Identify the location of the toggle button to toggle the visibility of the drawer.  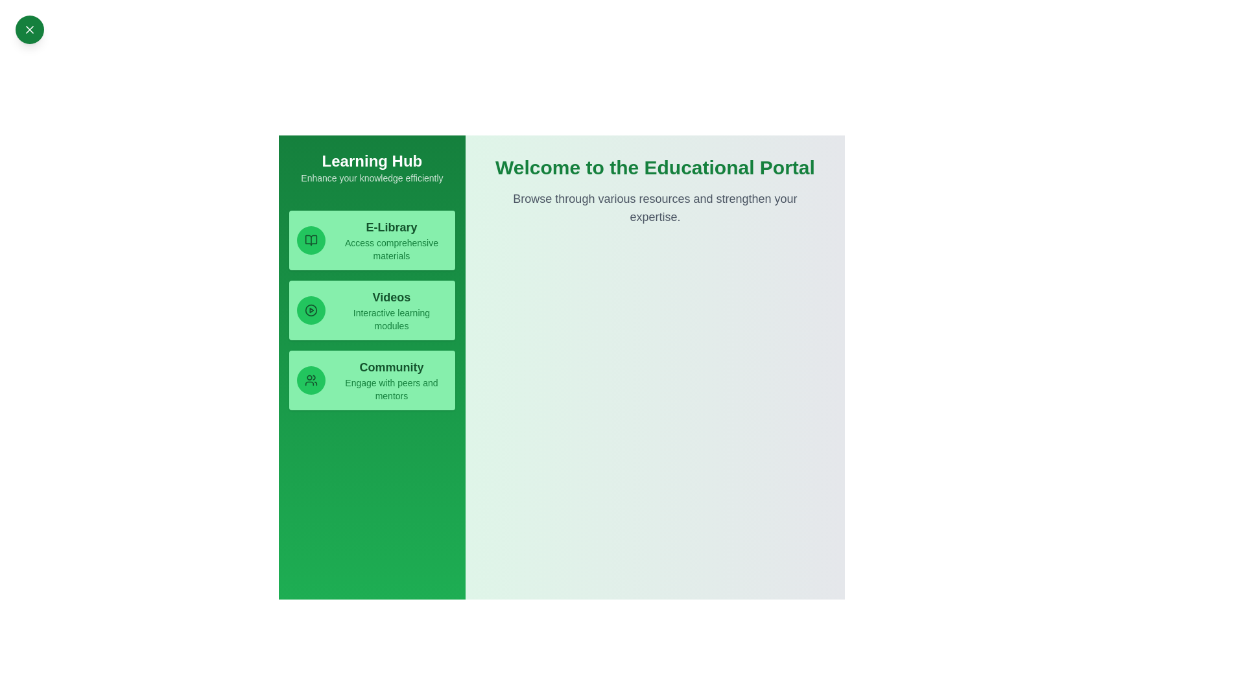
(30, 29).